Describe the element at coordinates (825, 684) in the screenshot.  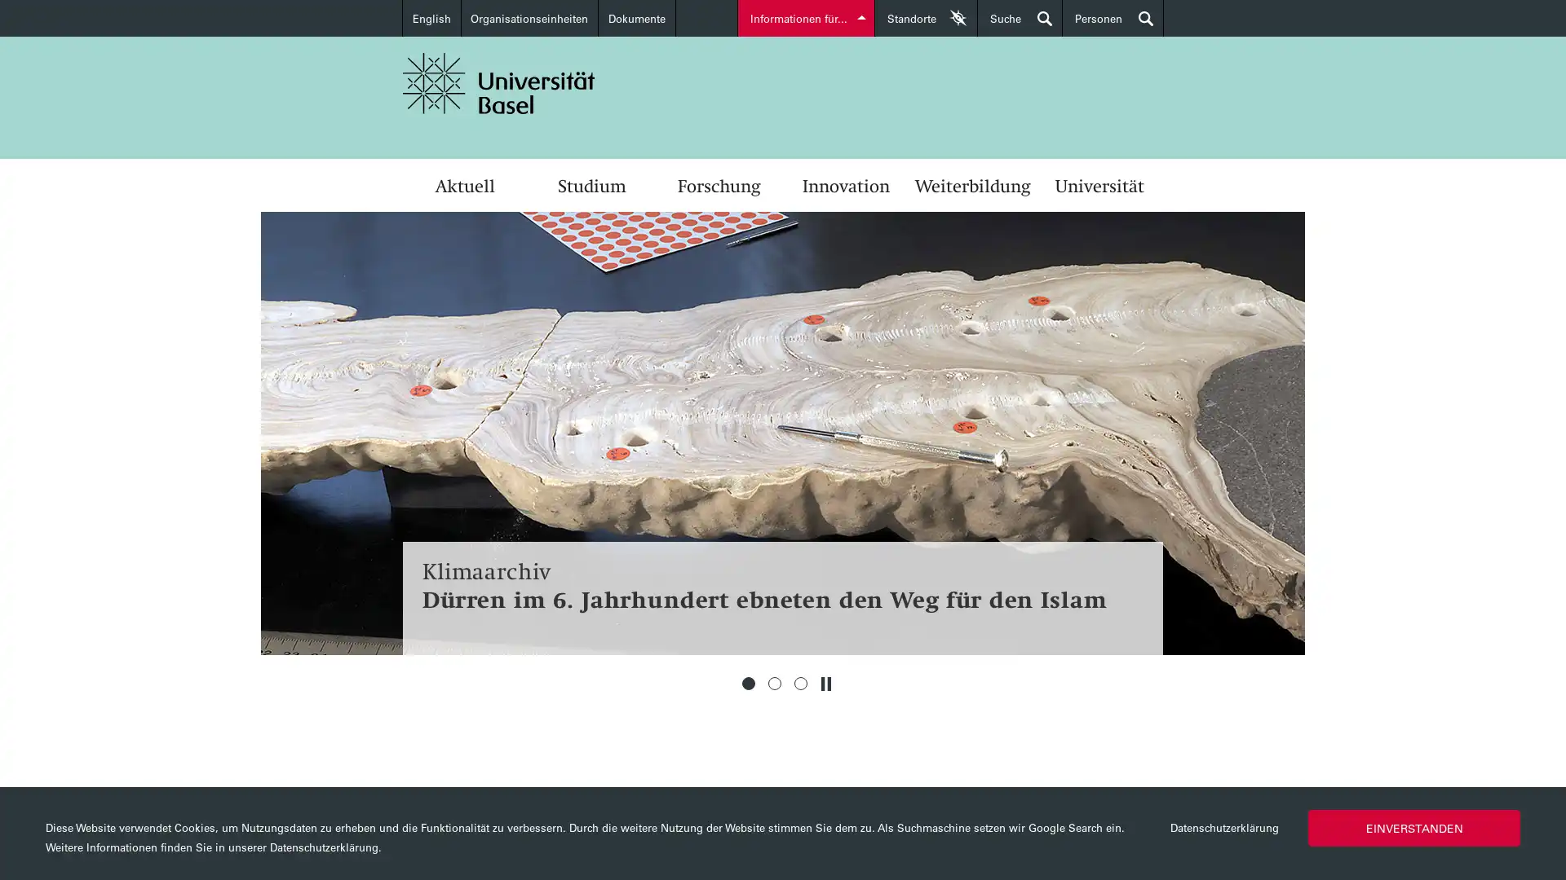
I see `Stoppen` at that location.